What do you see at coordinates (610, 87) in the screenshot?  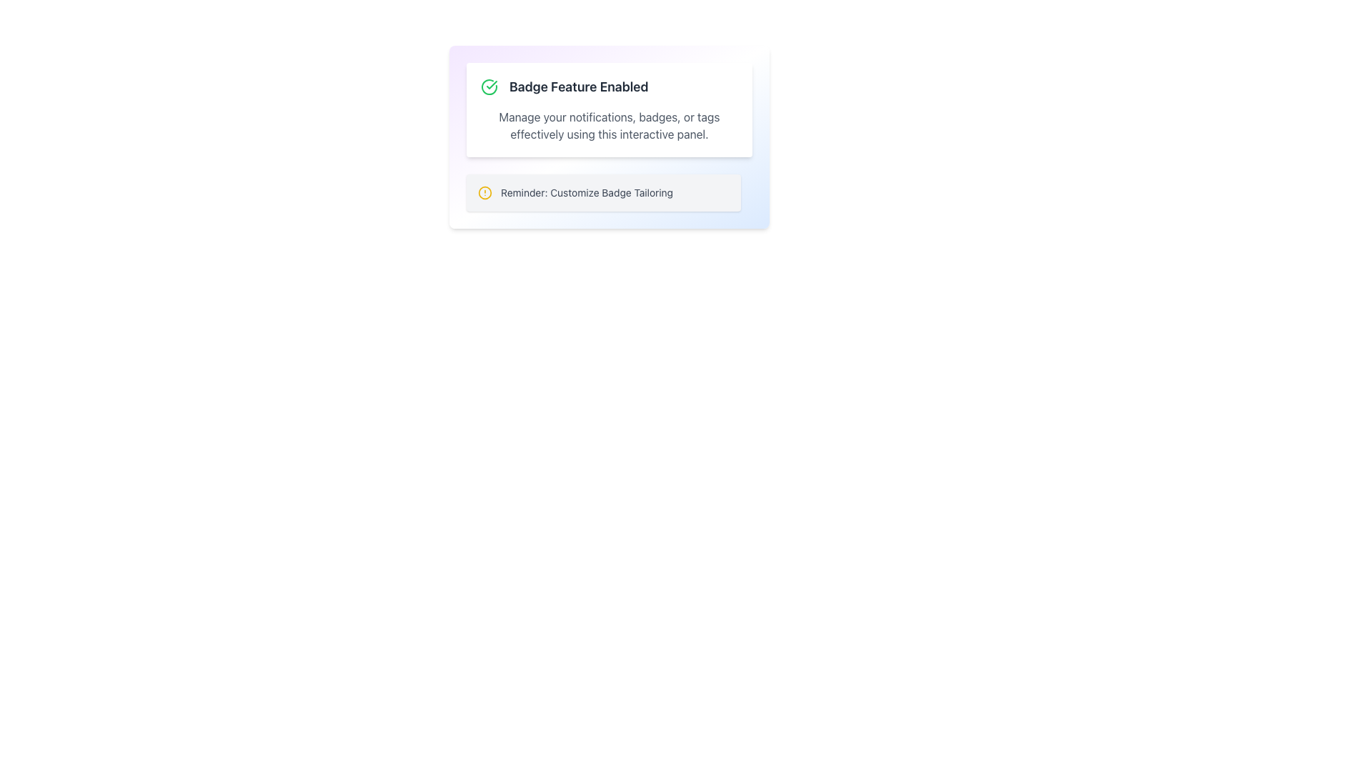 I see `the informational display indicating that the 'Badge Feature' is enabled, which is positioned above the description text and below the 'Toggle Panel' button` at bounding box center [610, 87].